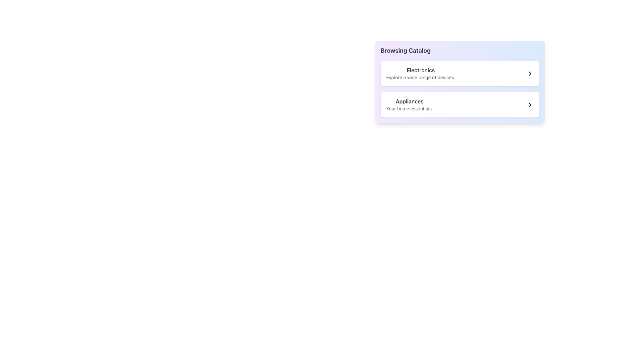 This screenshot has height=358, width=636. I want to click on the static descriptive text element for the 'Appliances' category, located below the bold title 'Appliances' in the bottom-right portion of the card, so click(409, 108).